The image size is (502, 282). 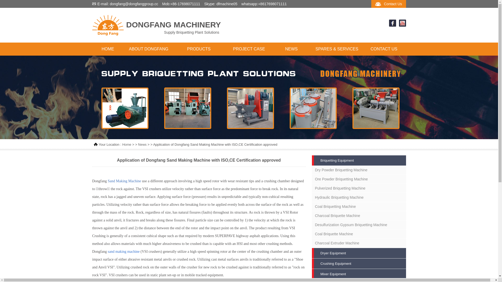 I want to click on 'Contact Us', so click(x=393, y=4).